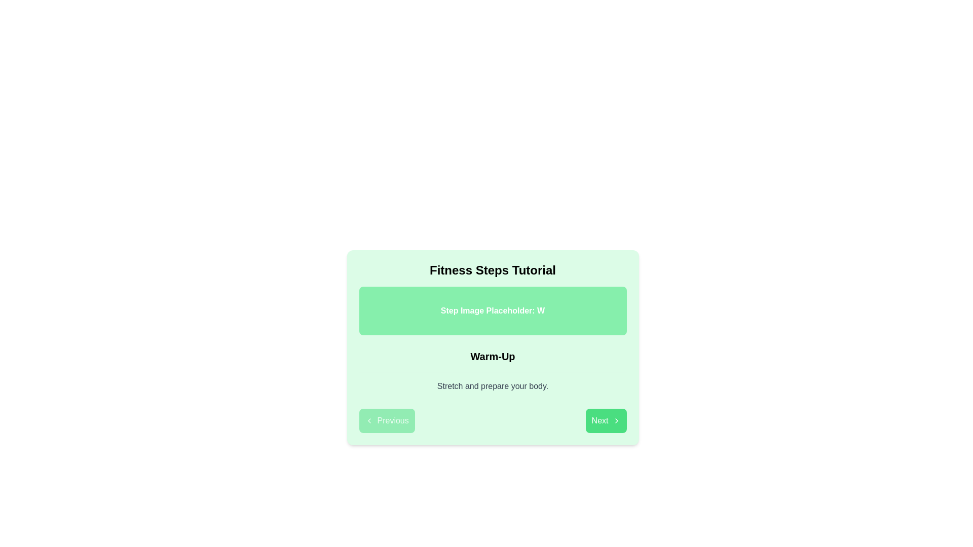  I want to click on the right-pointing chevron icon outlined in black on a green background, which is part of the 'Next' button located at the bottom right of the interface, so click(616, 420).